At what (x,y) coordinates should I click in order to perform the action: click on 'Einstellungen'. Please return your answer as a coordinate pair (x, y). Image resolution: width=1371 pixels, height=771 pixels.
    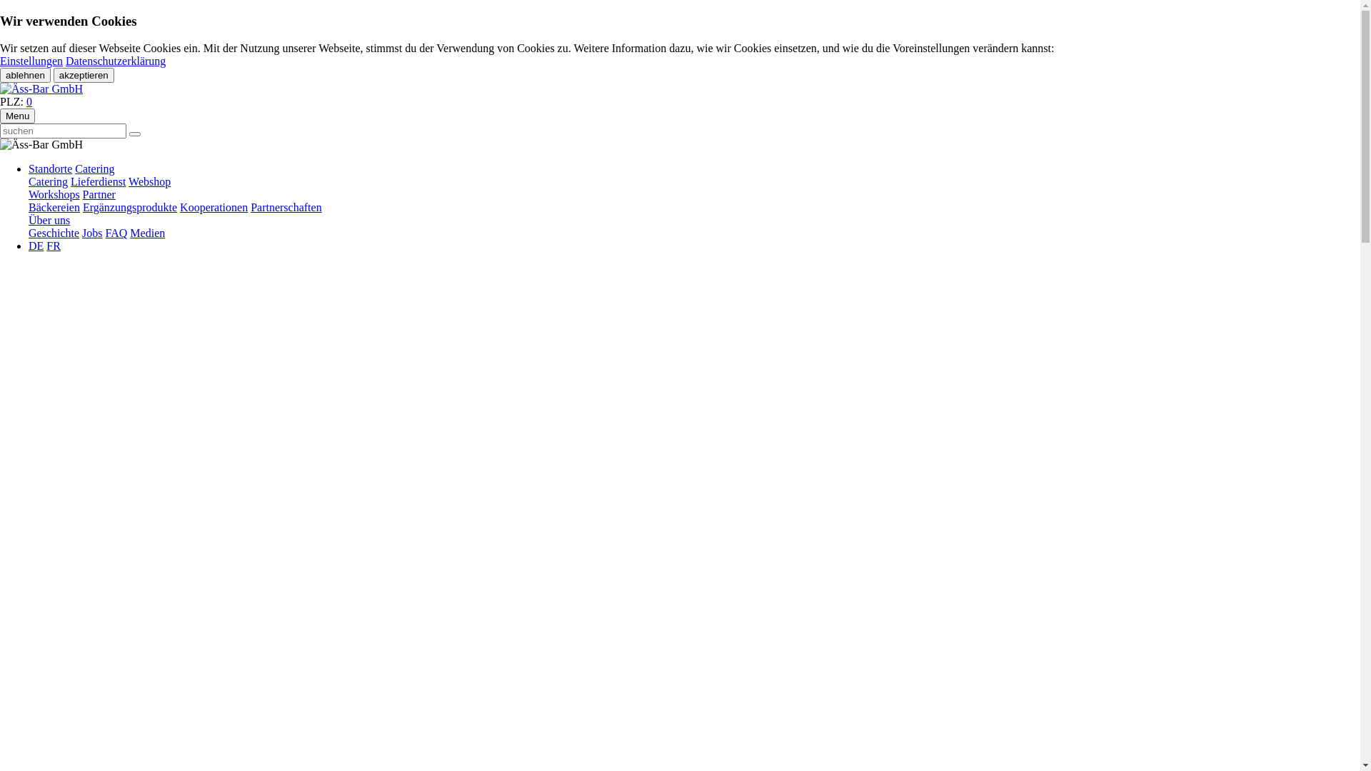
    Looking at the image, I should click on (31, 60).